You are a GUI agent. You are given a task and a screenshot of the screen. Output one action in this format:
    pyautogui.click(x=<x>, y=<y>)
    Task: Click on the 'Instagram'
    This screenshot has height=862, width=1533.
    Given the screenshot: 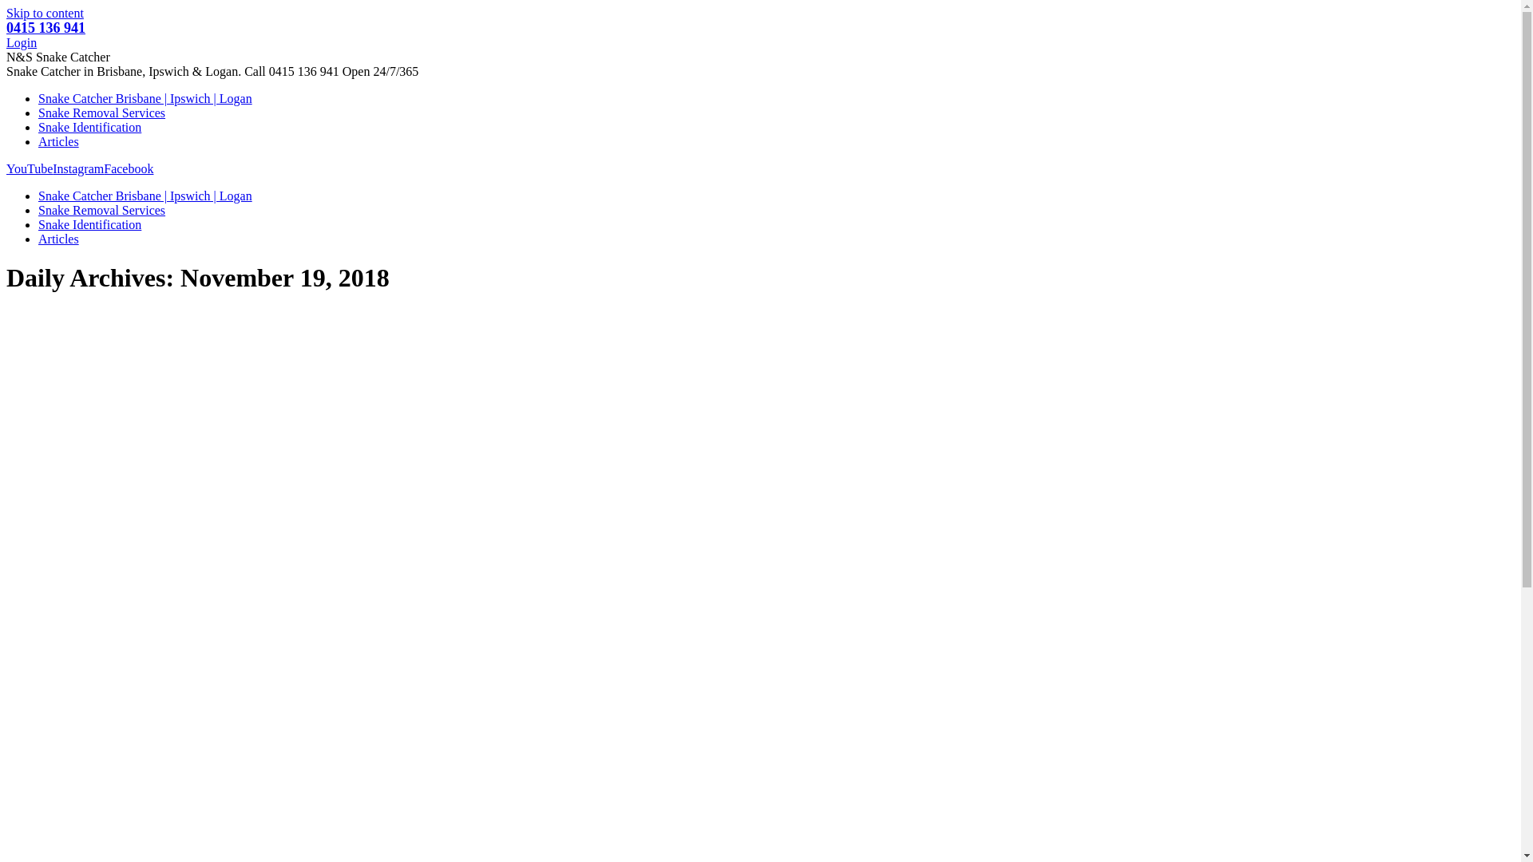 What is the action you would take?
    pyautogui.click(x=53, y=168)
    